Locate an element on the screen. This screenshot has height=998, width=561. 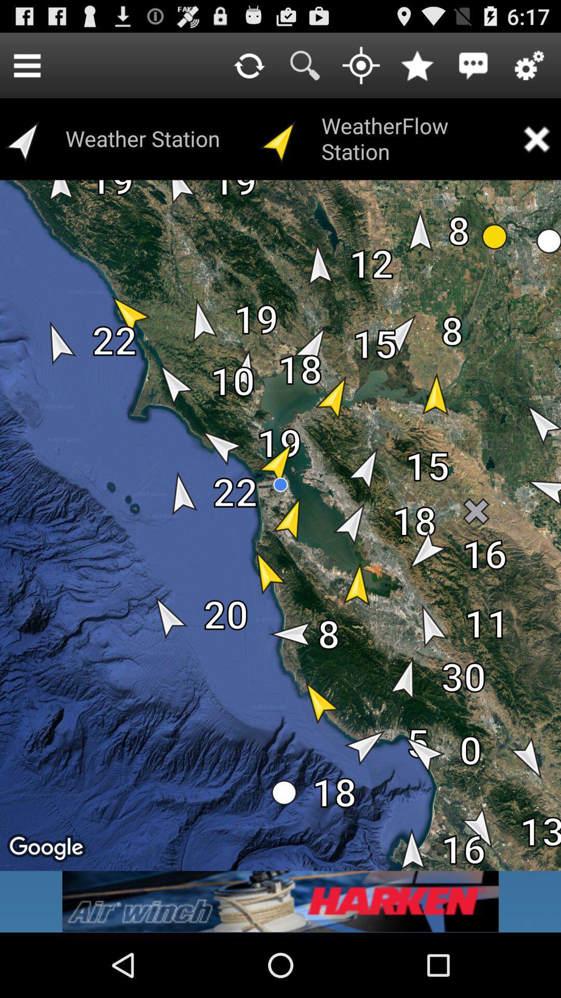
reload page is located at coordinates (249, 64).